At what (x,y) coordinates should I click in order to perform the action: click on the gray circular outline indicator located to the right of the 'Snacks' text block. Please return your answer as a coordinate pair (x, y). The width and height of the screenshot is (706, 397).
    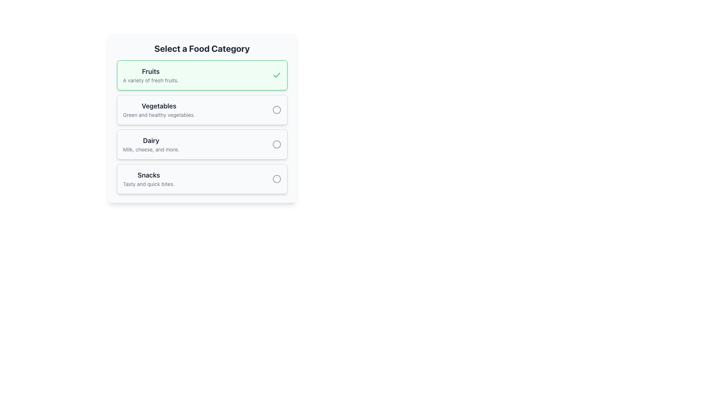
    Looking at the image, I should click on (276, 179).